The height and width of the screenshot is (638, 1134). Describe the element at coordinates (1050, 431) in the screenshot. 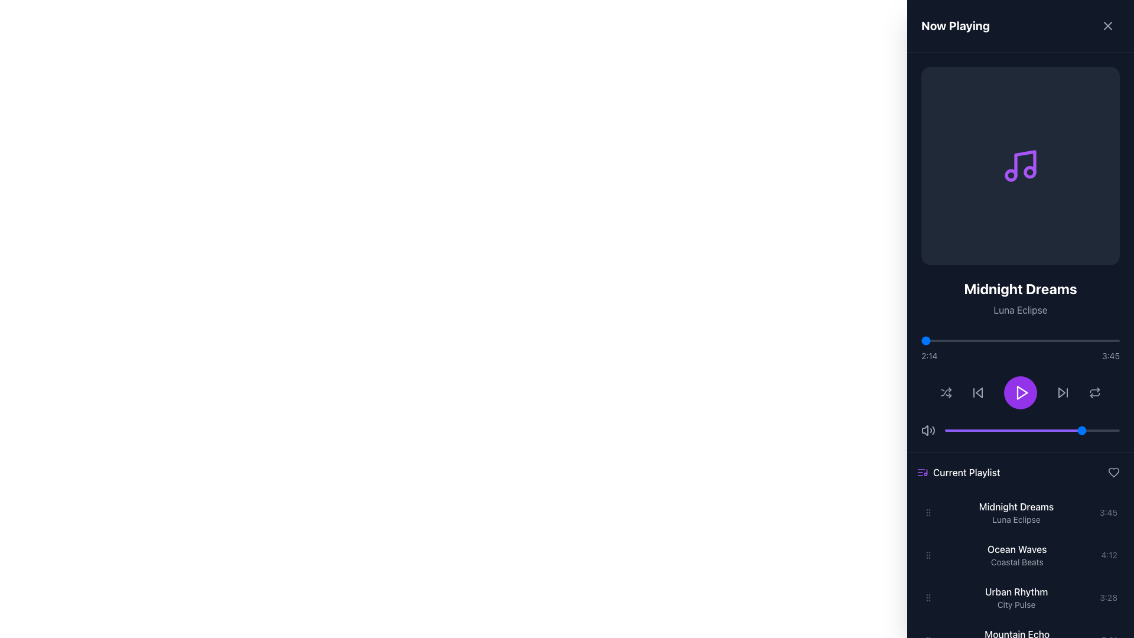

I see `the slider value` at that location.